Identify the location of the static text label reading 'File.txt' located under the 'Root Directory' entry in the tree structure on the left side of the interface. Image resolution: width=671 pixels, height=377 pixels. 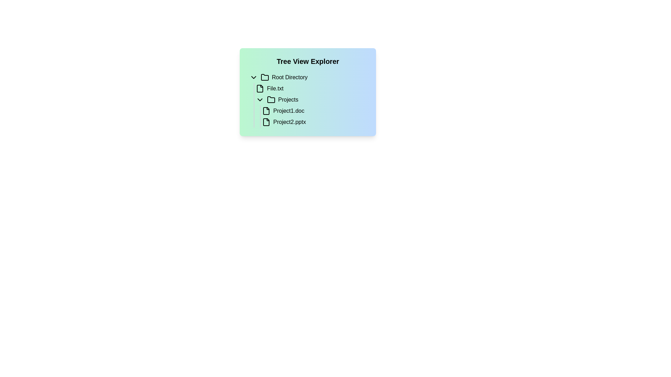
(275, 88).